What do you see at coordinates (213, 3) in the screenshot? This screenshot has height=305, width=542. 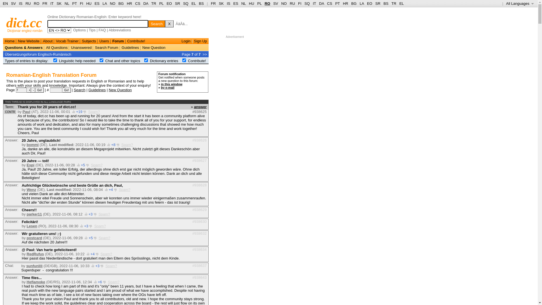 I see `'FR'` at bounding box center [213, 3].